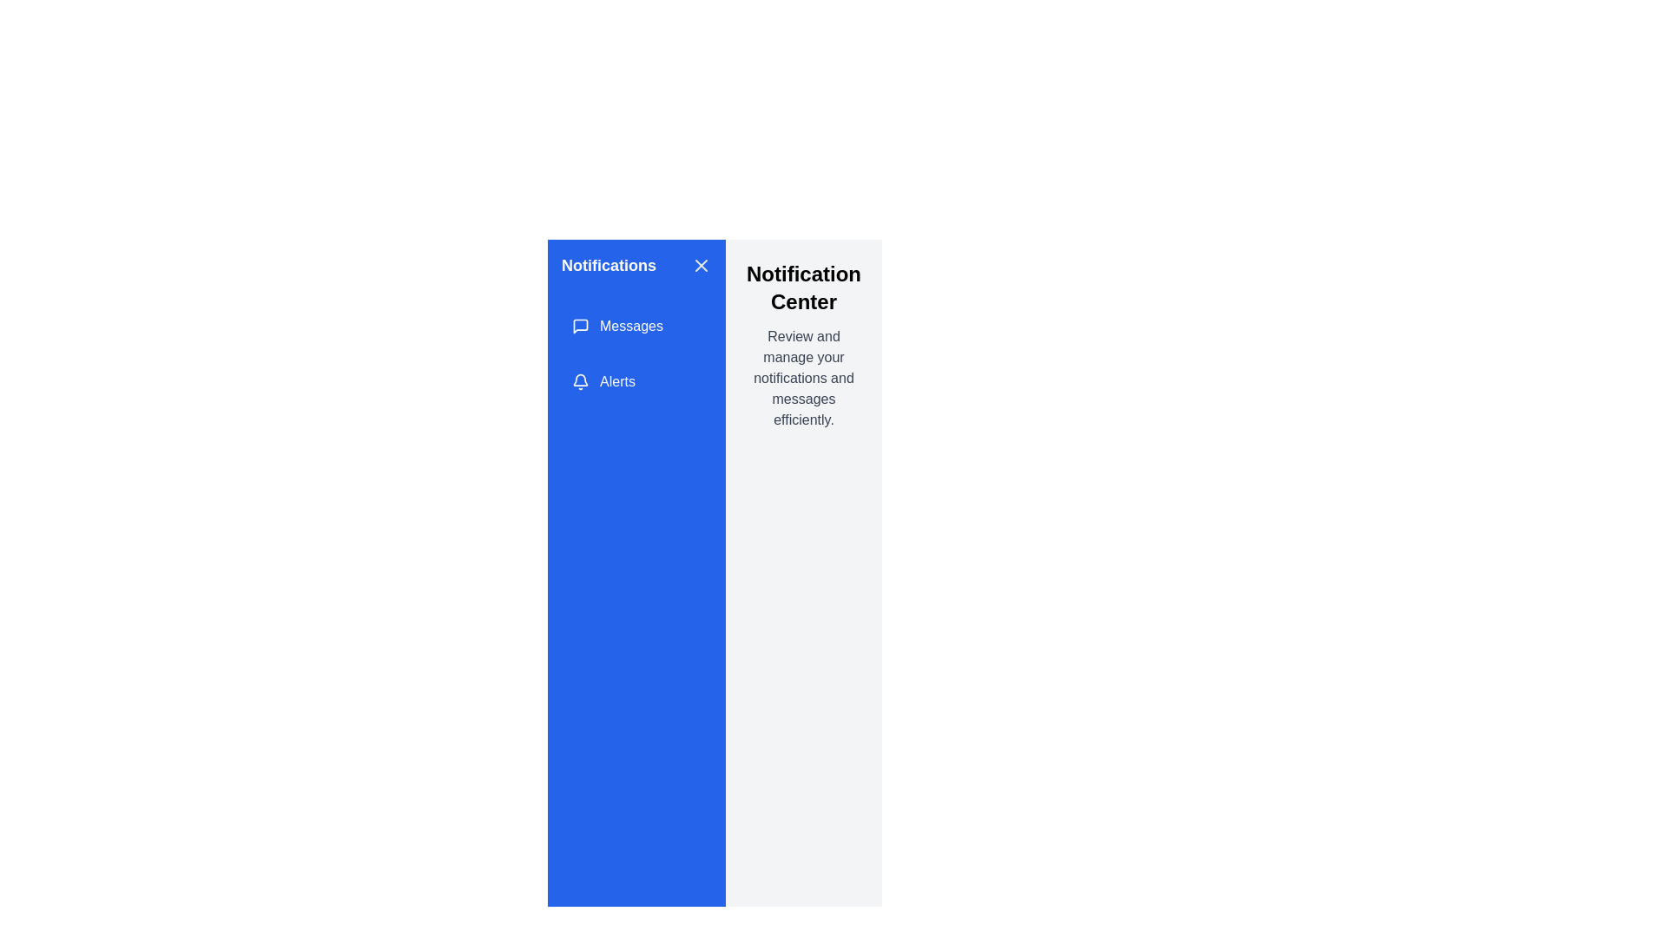 The height and width of the screenshot is (938, 1667). What do you see at coordinates (701, 265) in the screenshot?
I see `the dismiss notifications button, which is a small 'X' icon with a white stroke and blue background located in the top-right corner of the 'Notifications' header bar, next to the 'Notifications' label` at bounding box center [701, 265].